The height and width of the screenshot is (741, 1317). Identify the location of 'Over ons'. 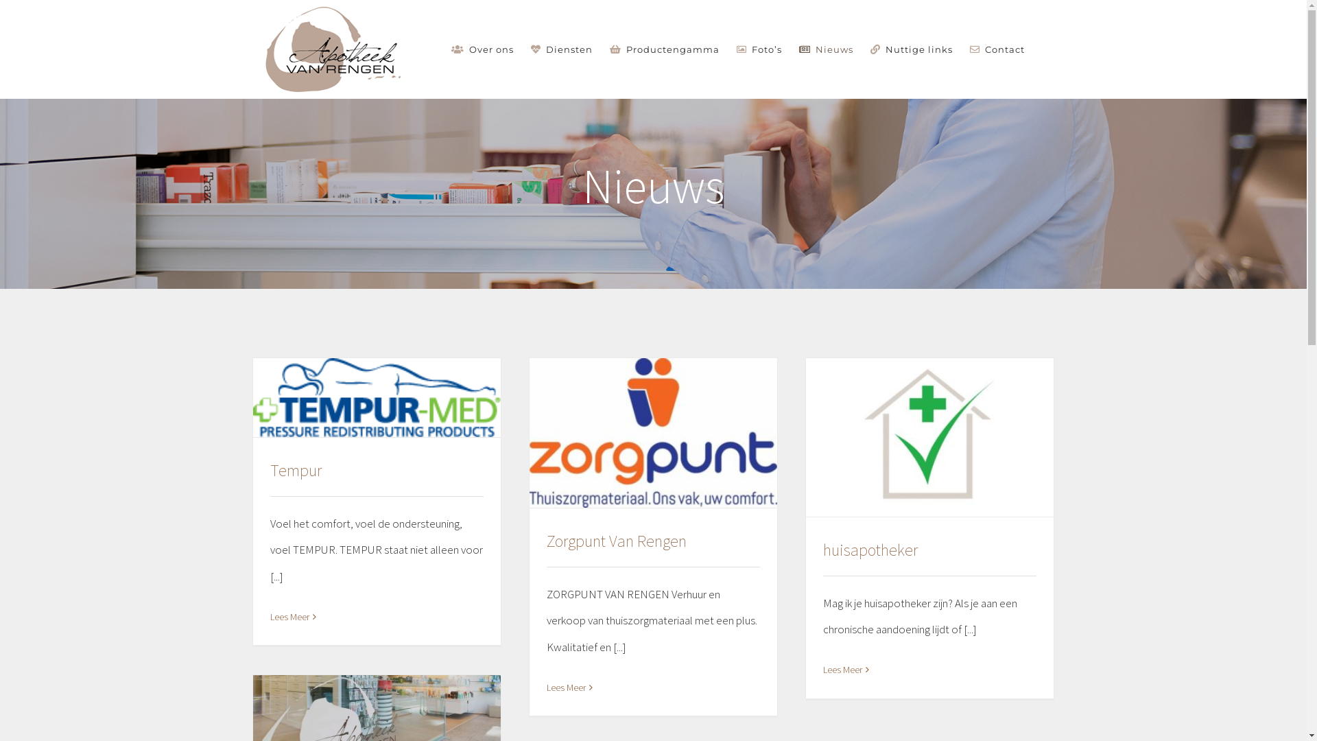
(482, 49).